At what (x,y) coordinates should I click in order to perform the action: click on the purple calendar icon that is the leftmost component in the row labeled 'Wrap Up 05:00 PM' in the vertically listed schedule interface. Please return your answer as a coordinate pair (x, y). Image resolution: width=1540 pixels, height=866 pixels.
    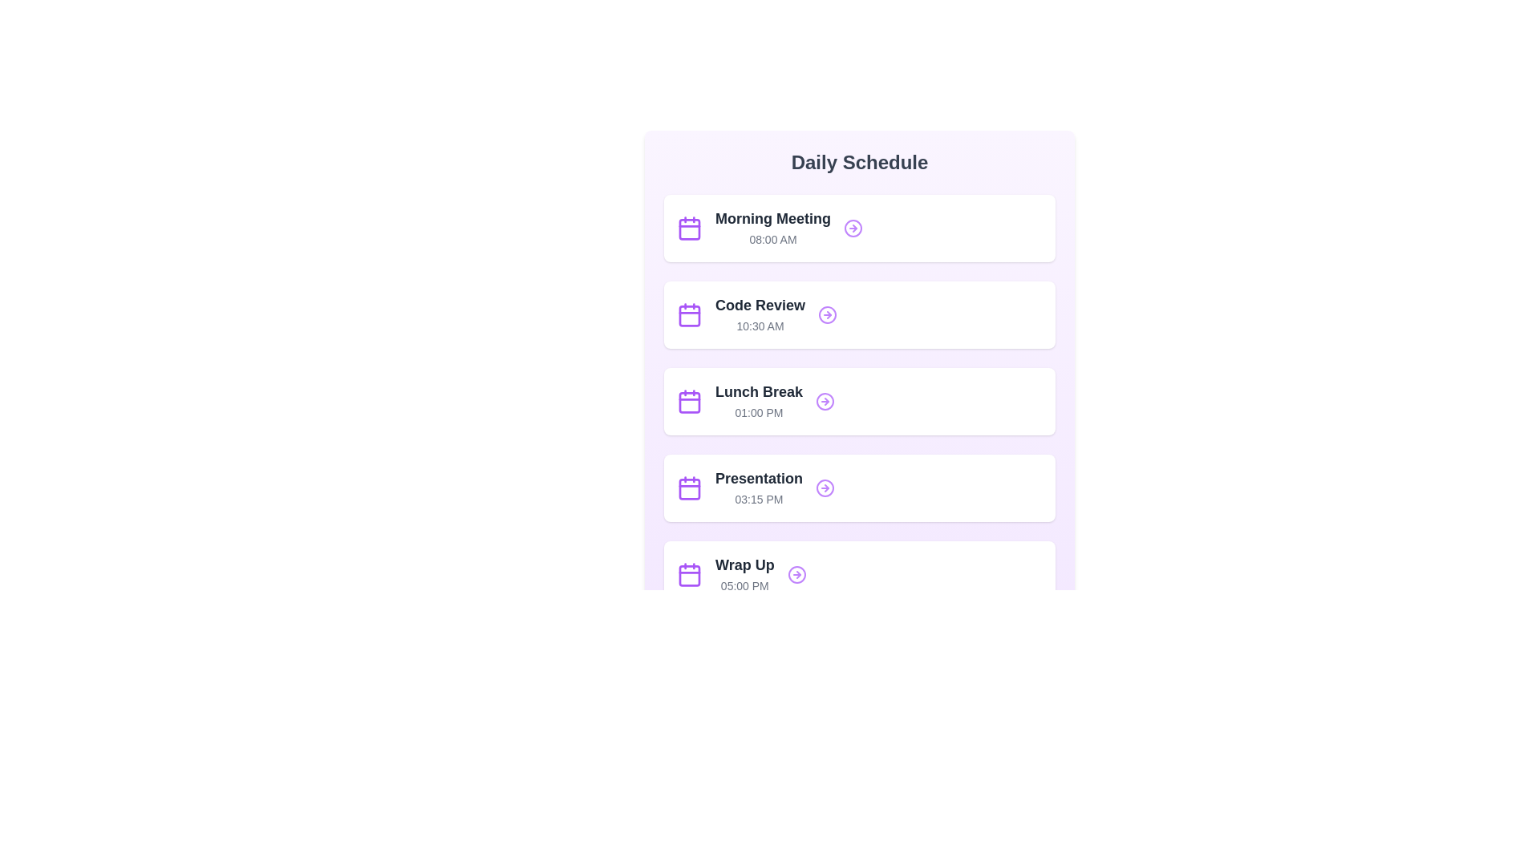
    Looking at the image, I should click on (689, 574).